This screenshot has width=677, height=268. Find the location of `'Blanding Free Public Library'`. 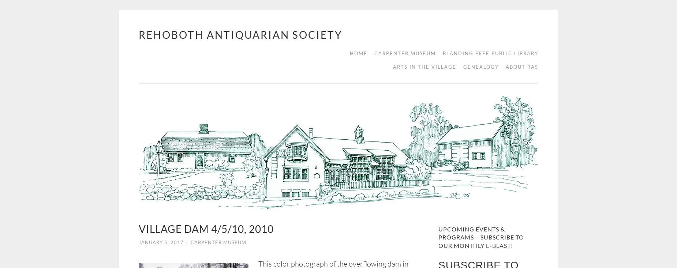

'Blanding Free Public Library' is located at coordinates (490, 53).